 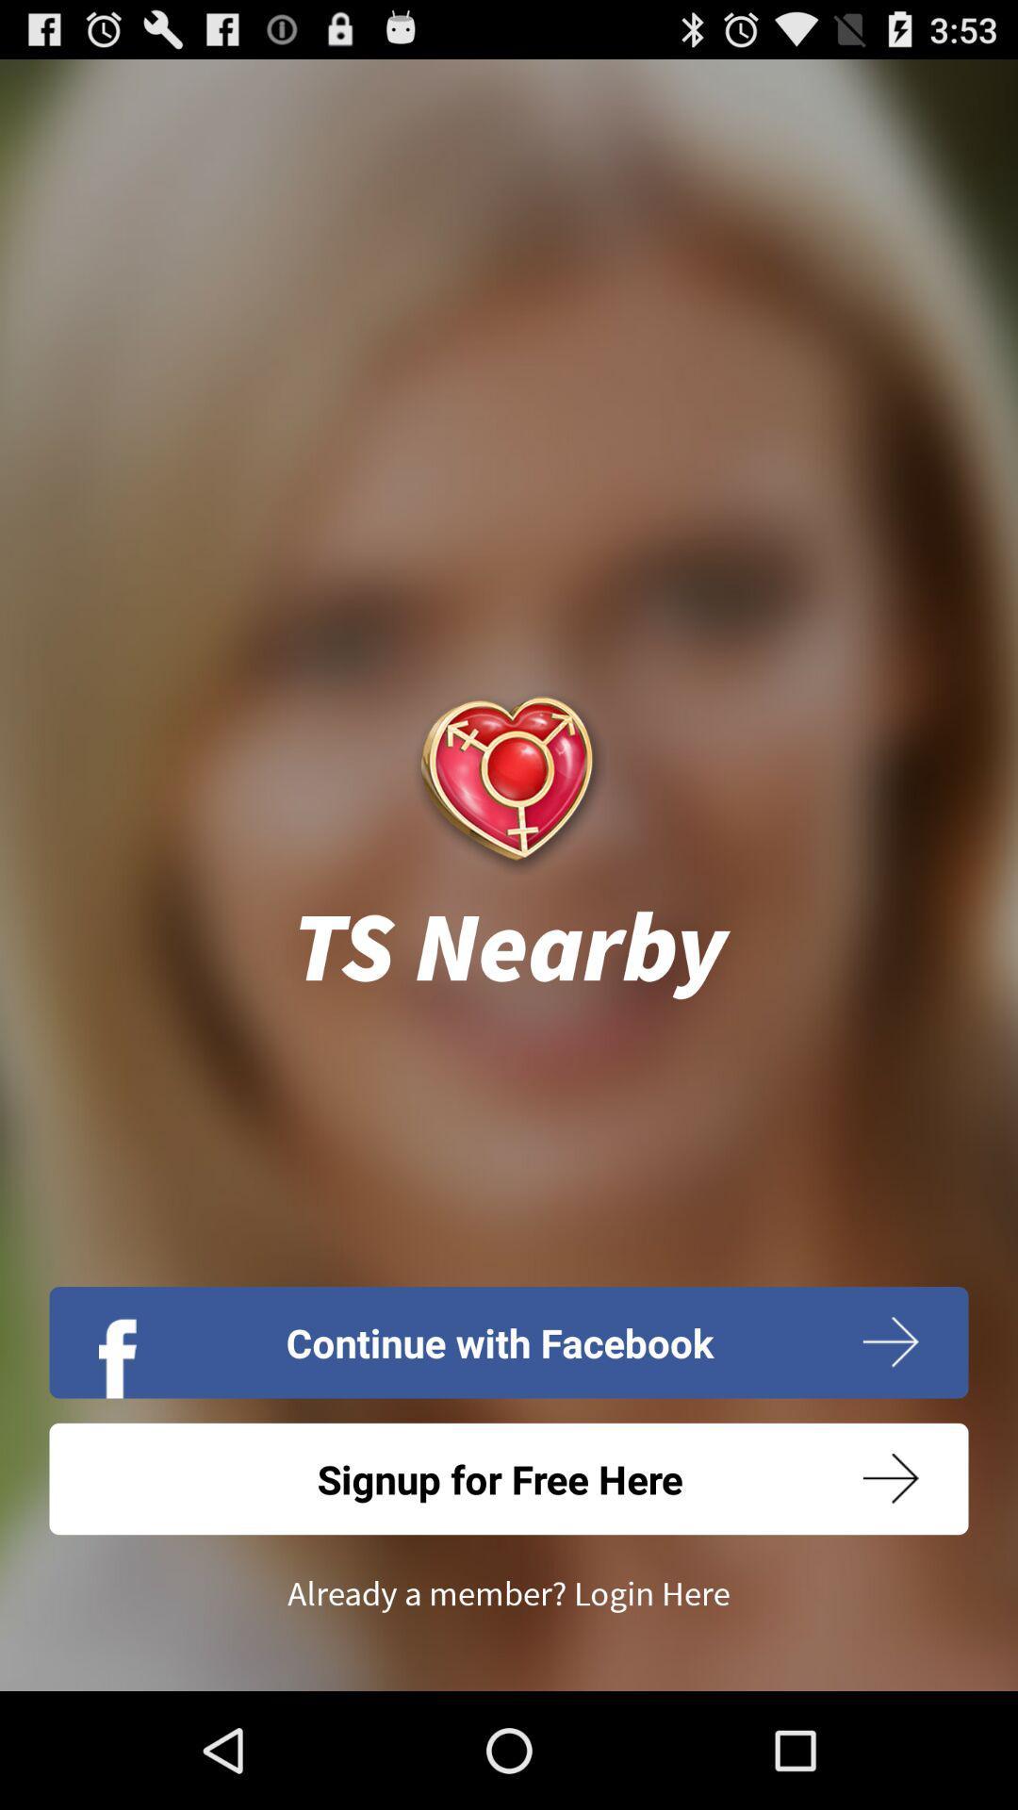 I want to click on already a member, so click(x=509, y=1593).